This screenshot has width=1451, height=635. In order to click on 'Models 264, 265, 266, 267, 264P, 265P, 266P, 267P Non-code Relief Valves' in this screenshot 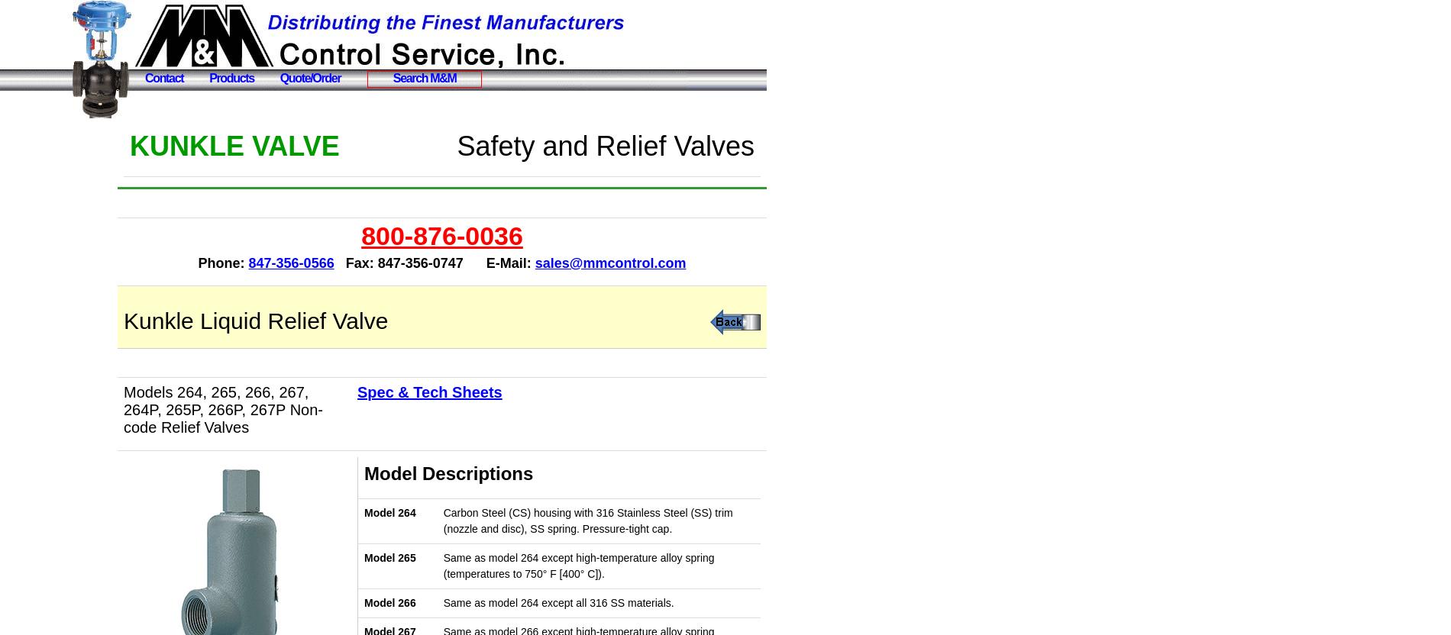, I will do `click(222, 409)`.